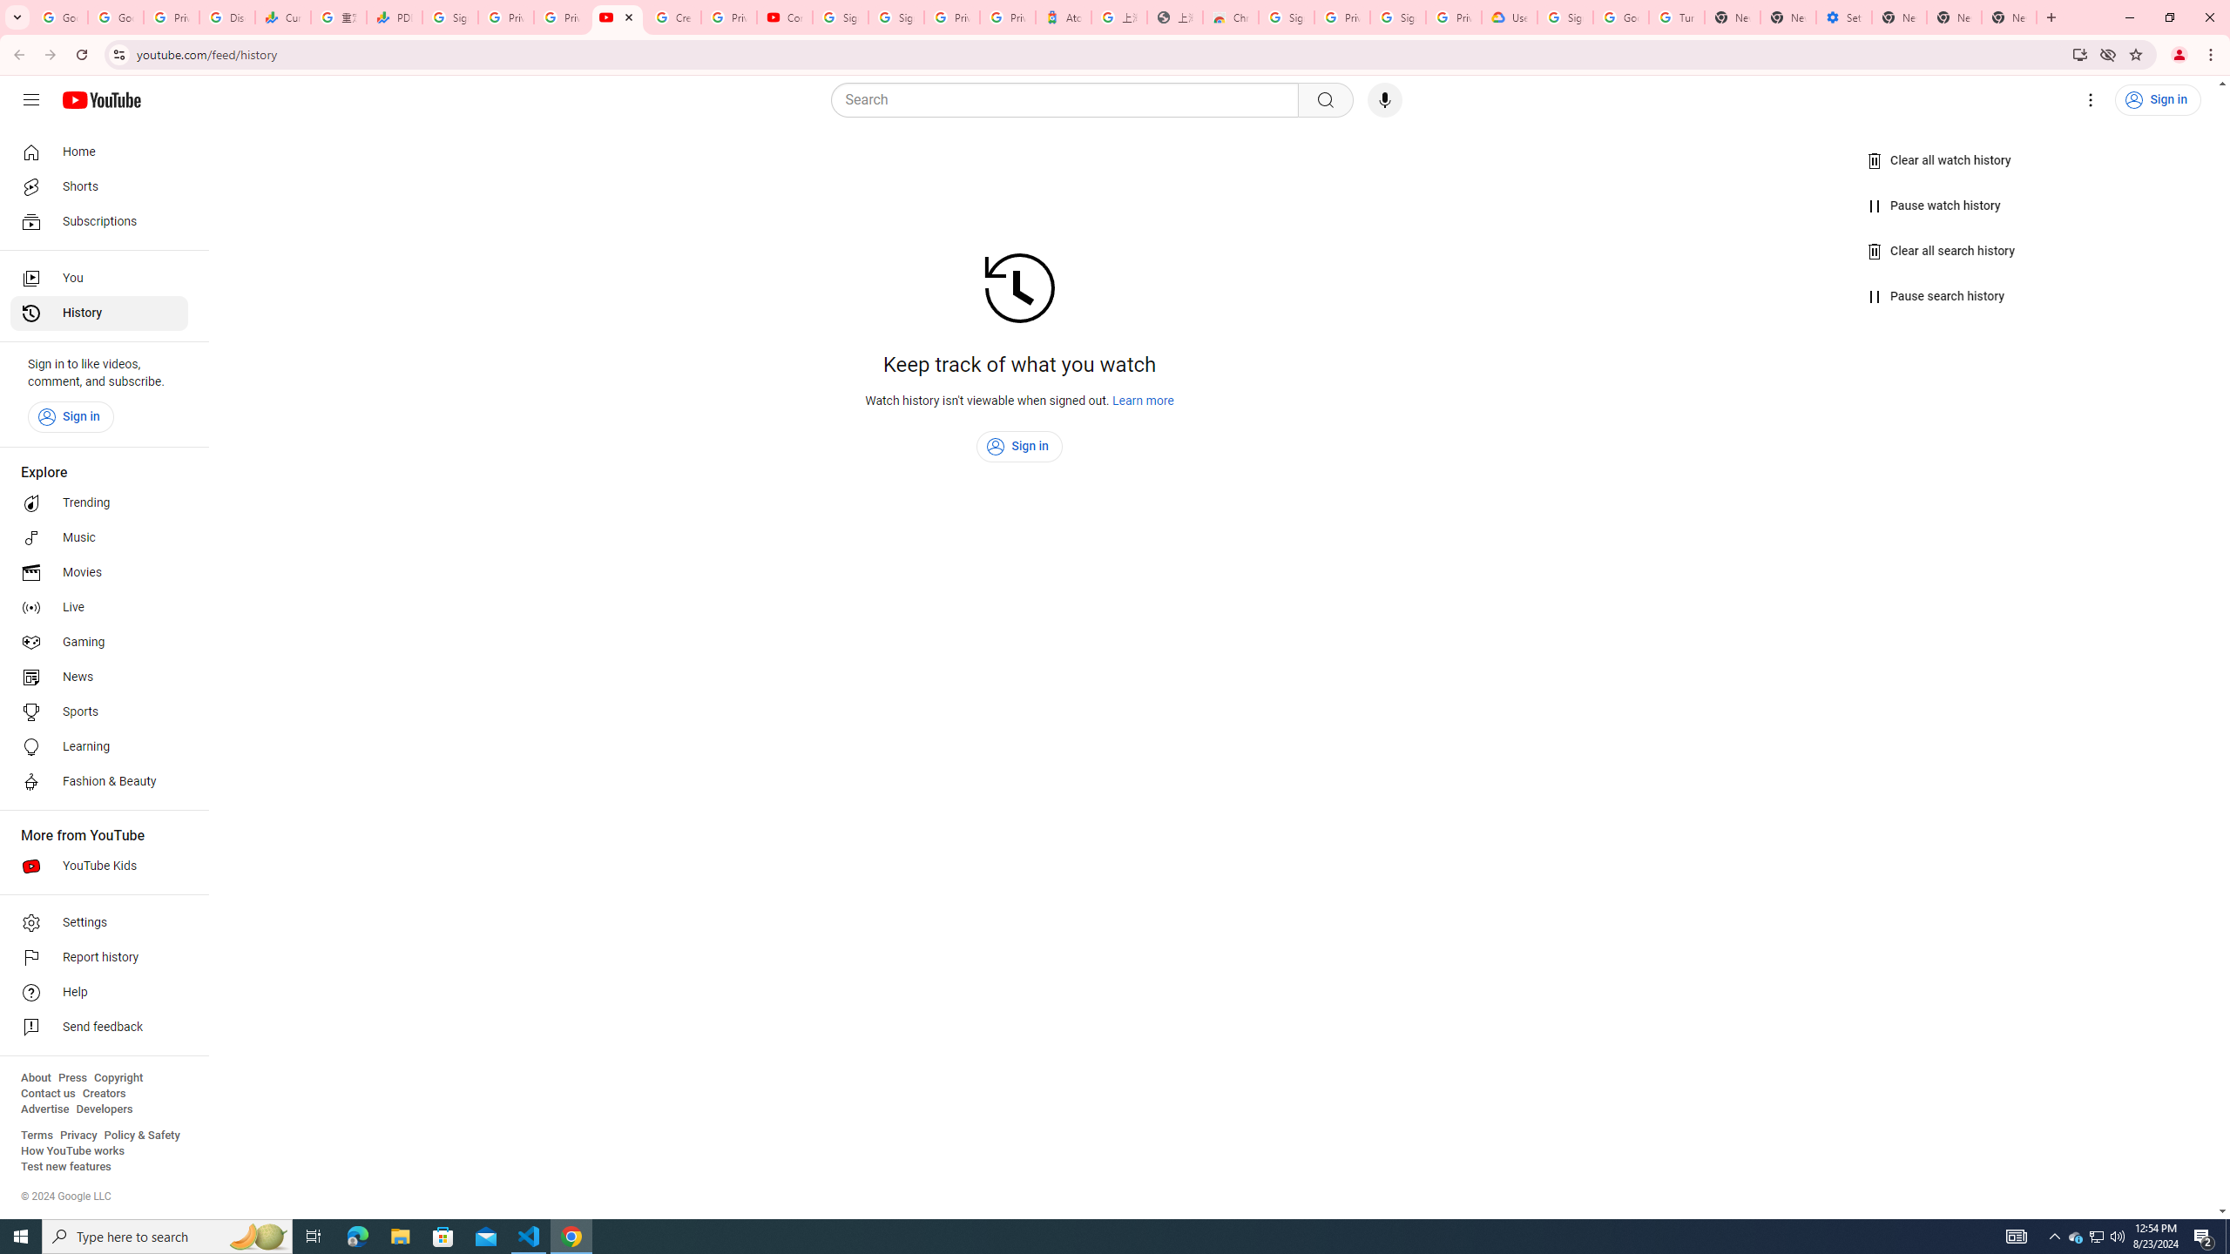  I want to click on 'Google Workspace Admin Community', so click(60, 17).